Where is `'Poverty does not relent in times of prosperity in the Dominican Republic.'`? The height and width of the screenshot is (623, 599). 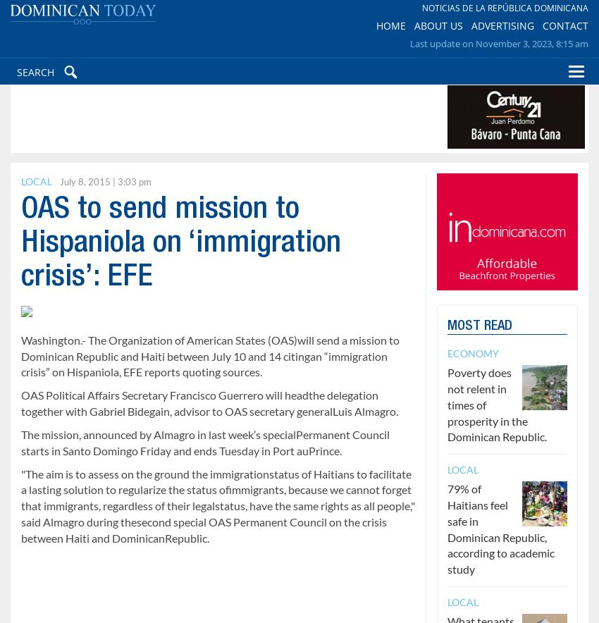 'Poverty does not relent in times of prosperity in the Dominican Republic.' is located at coordinates (496, 403).